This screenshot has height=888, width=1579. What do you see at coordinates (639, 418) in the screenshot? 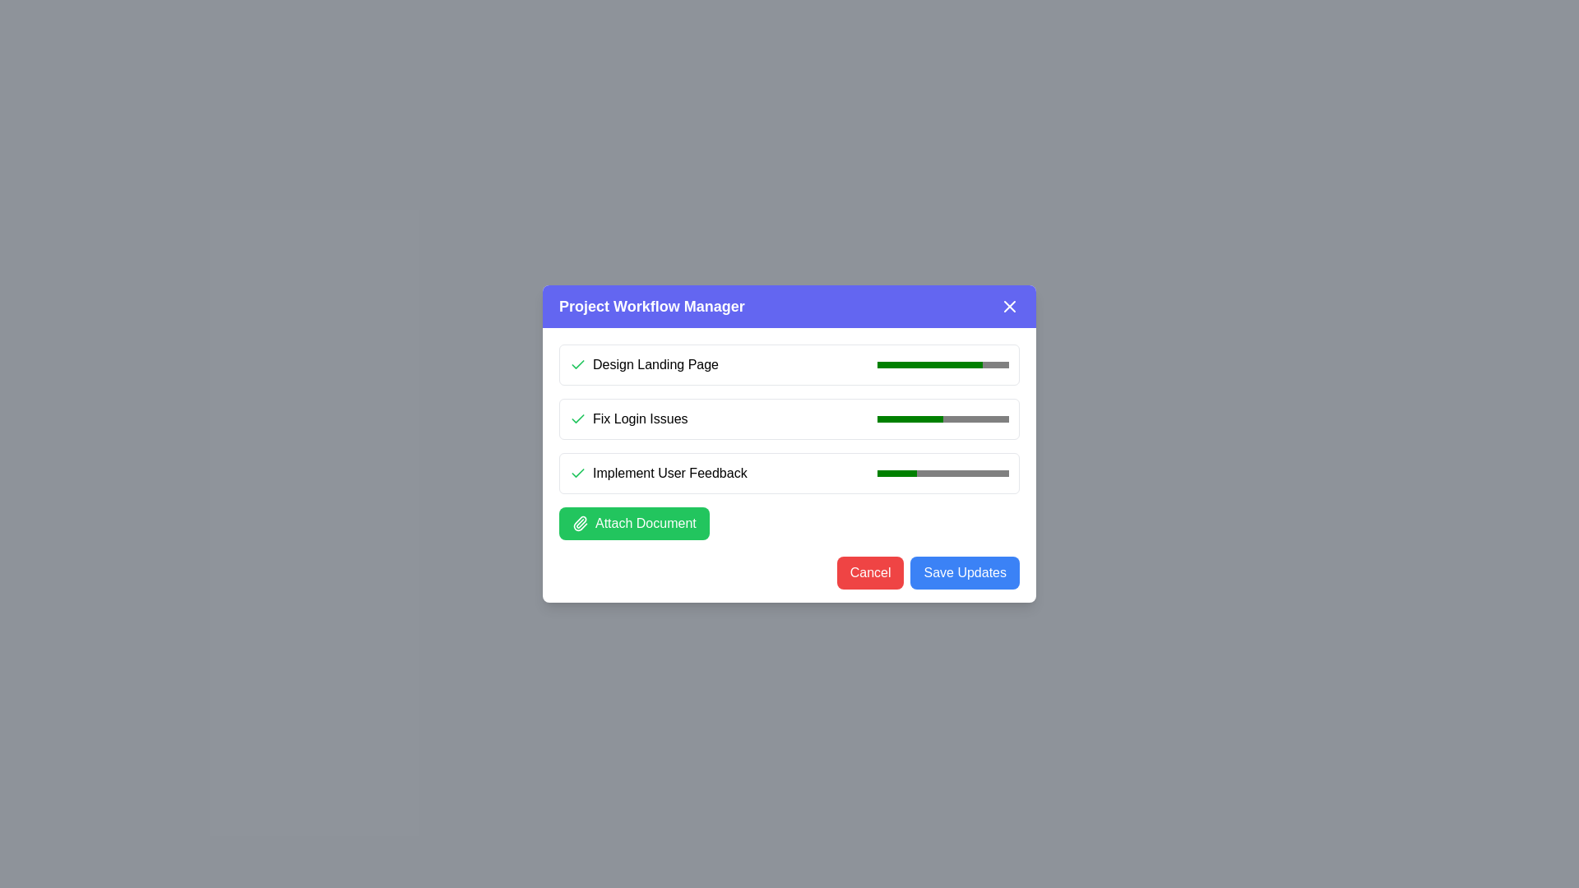
I see `the static text label that identifies the task 'Fix Login Issues' within the 'Project Workflow Manager' modal window` at bounding box center [639, 418].